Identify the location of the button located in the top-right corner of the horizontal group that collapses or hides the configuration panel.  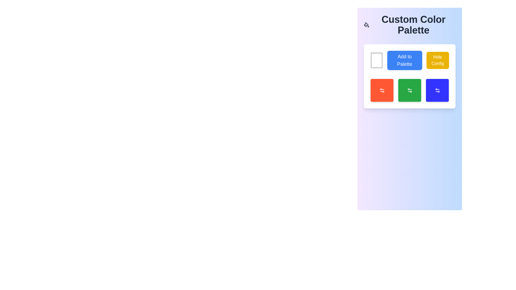
(438, 60).